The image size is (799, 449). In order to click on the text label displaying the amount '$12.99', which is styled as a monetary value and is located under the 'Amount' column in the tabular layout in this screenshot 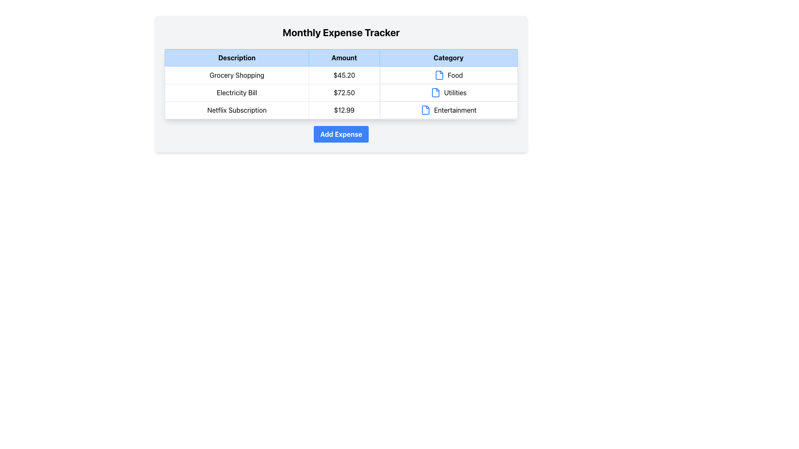, I will do `click(344, 110)`.